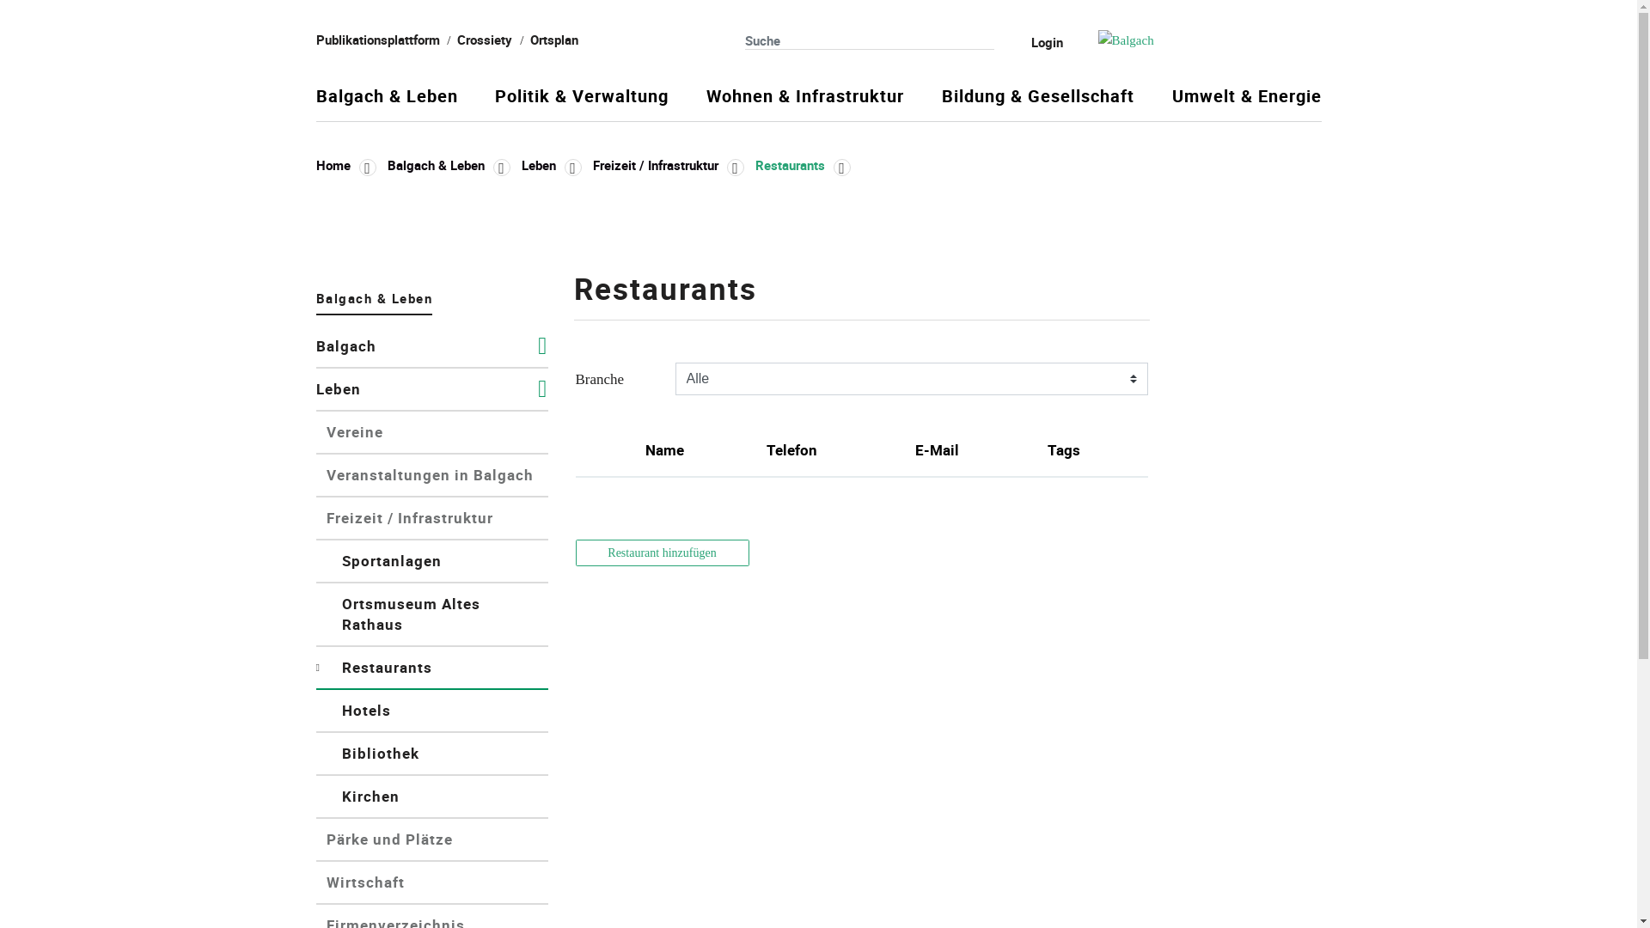 This screenshot has width=1650, height=928. I want to click on 'Publikationsplattform', so click(377, 39).